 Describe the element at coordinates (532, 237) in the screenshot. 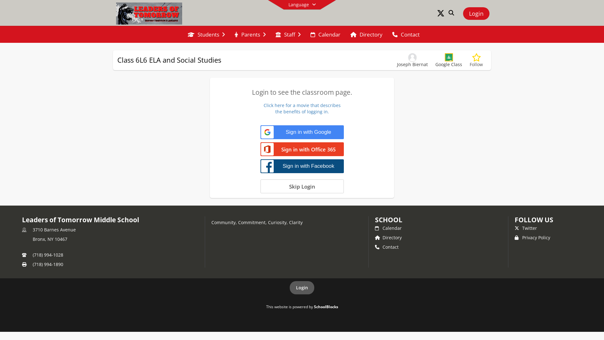

I see `'Privacy Policy'` at that location.